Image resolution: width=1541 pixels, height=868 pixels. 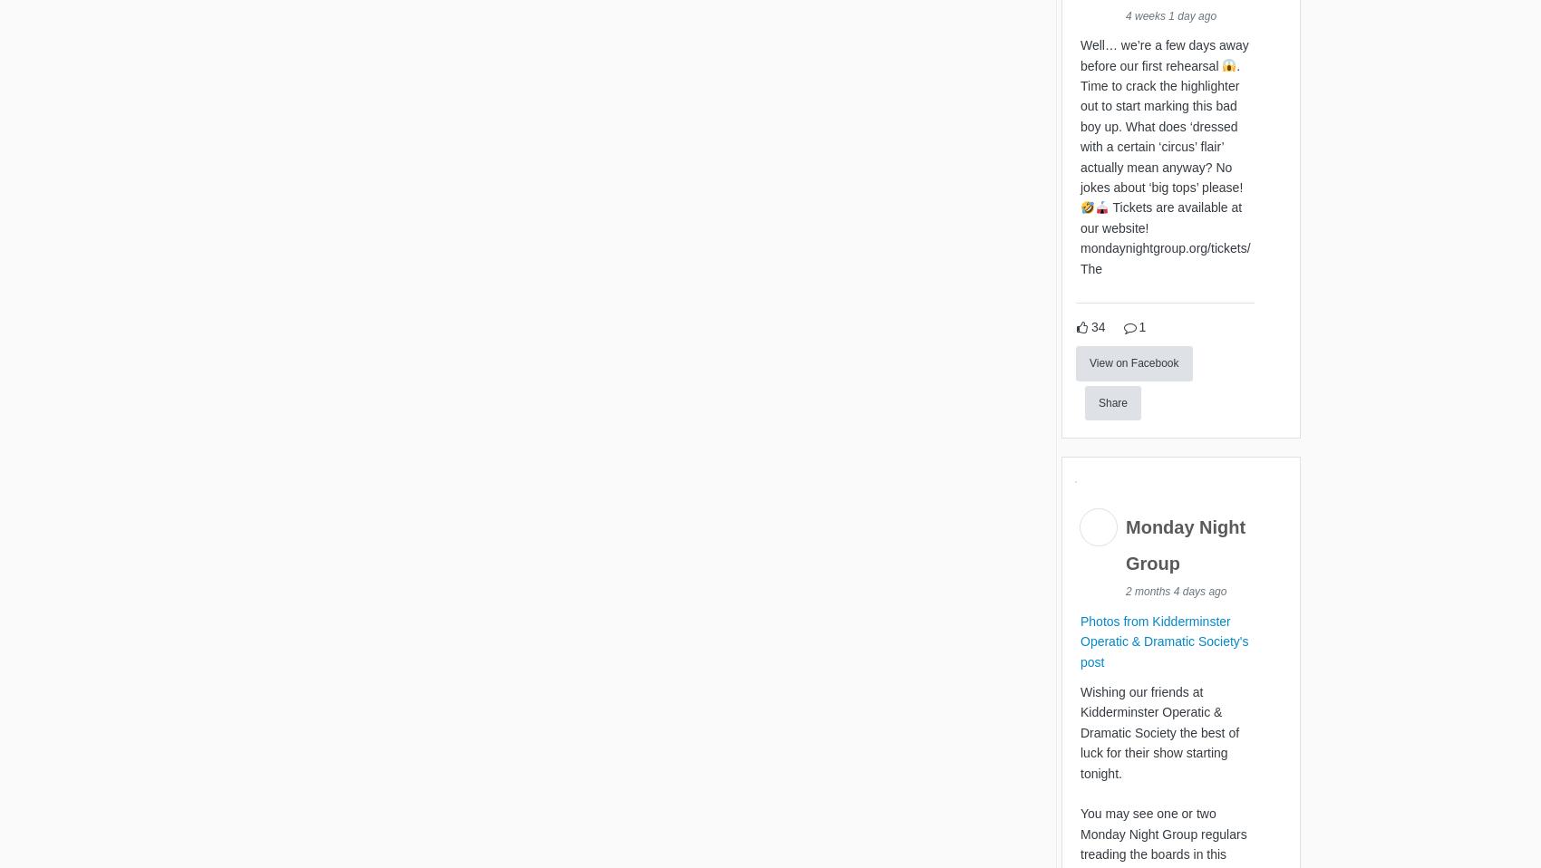 I want to click on 'Wishing our friends at Kidderminster Operatic & Dramatic Society the best of luck for their show starting tonight.', so click(x=1159, y=735).